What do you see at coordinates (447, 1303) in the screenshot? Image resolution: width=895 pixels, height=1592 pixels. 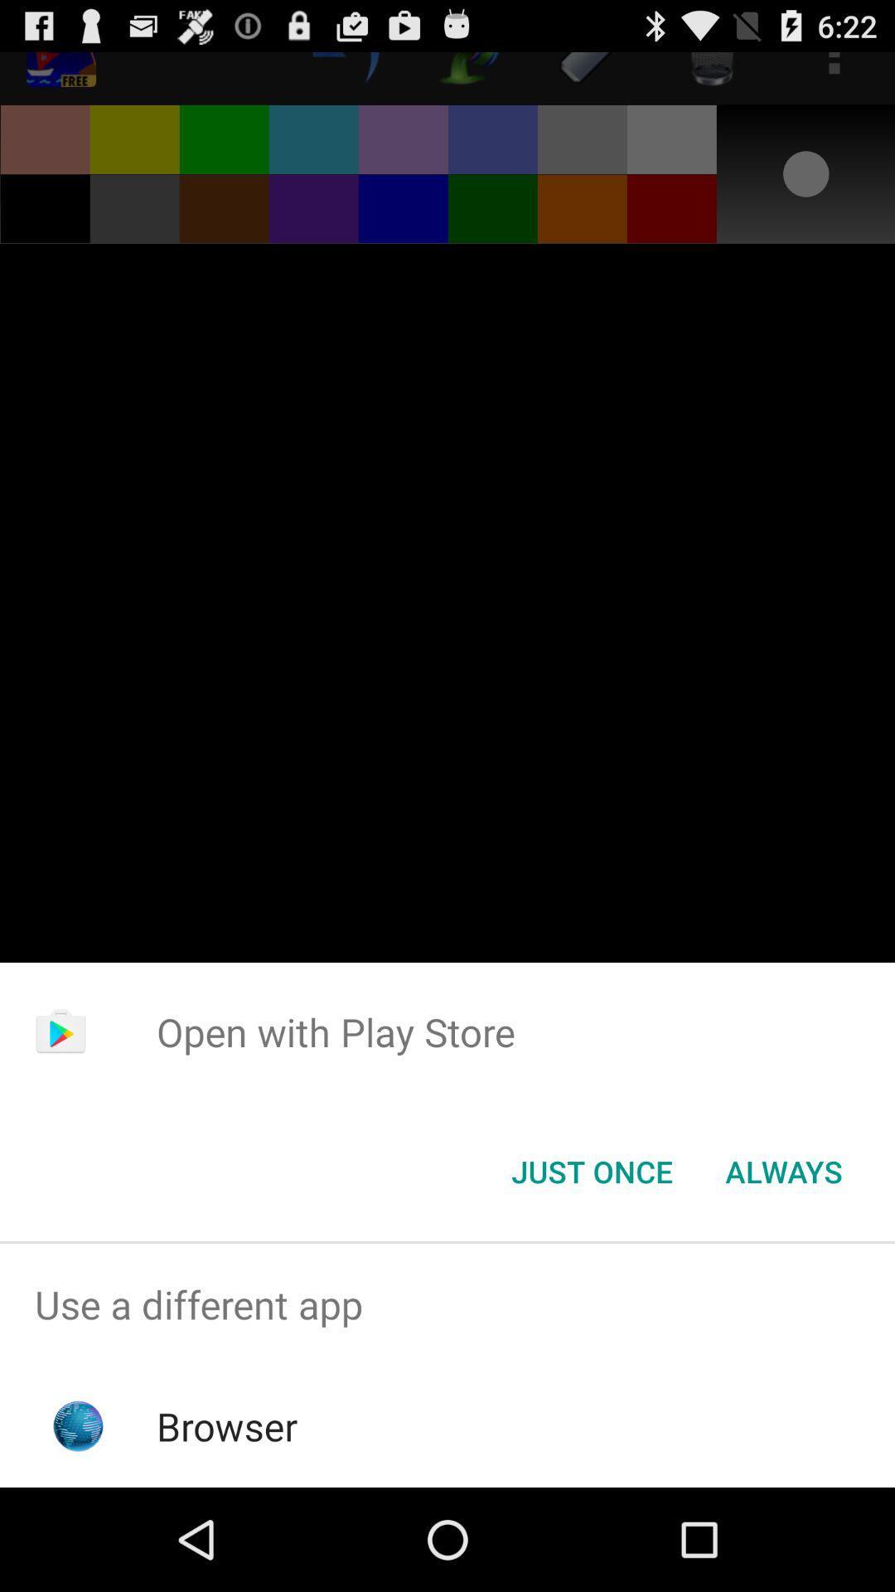 I see `use a different icon` at bounding box center [447, 1303].